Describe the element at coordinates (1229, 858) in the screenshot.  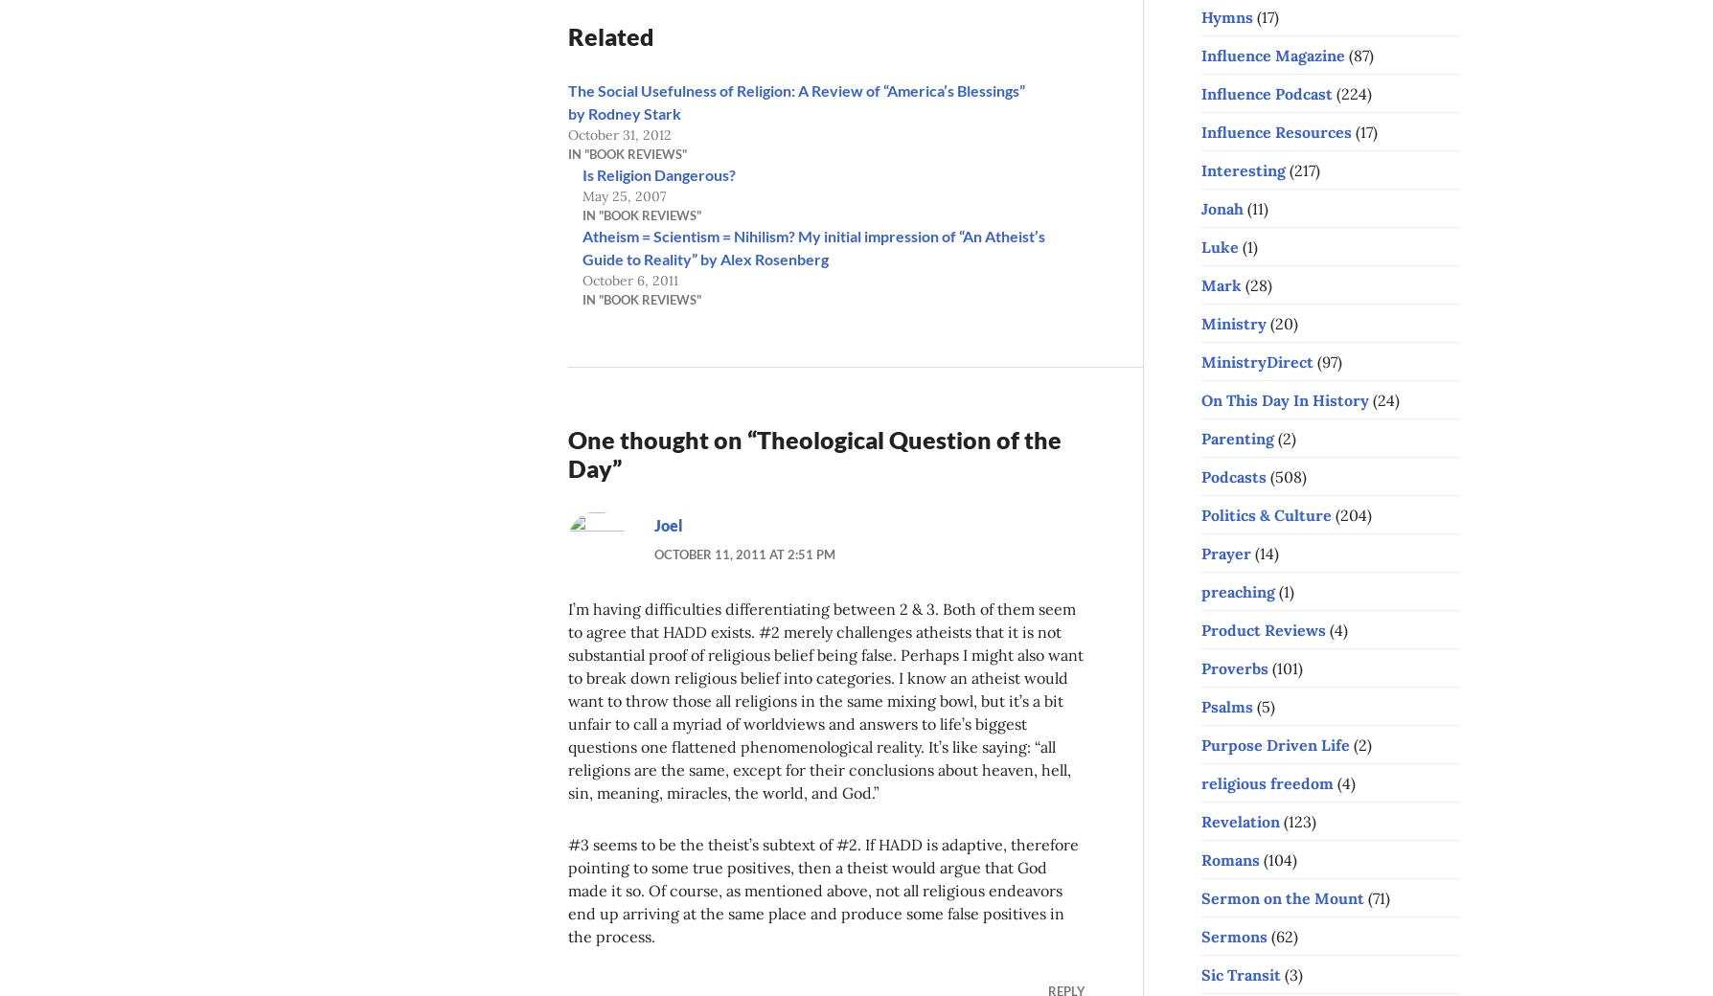
I see `'Romans'` at that location.